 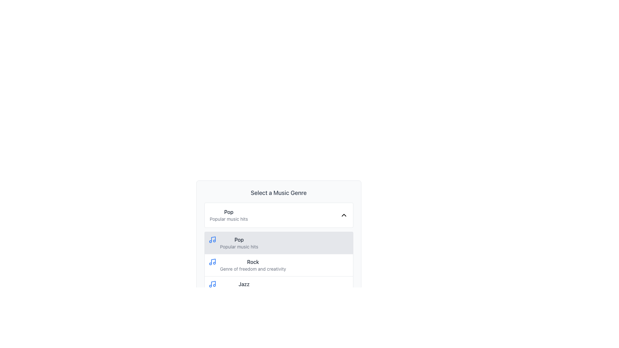 I want to click on the text label reading 'Popular music hits', which is styled in gray and positioned below the 'Pop' text in the dropdown interface for music genres, so click(x=229, y=218).